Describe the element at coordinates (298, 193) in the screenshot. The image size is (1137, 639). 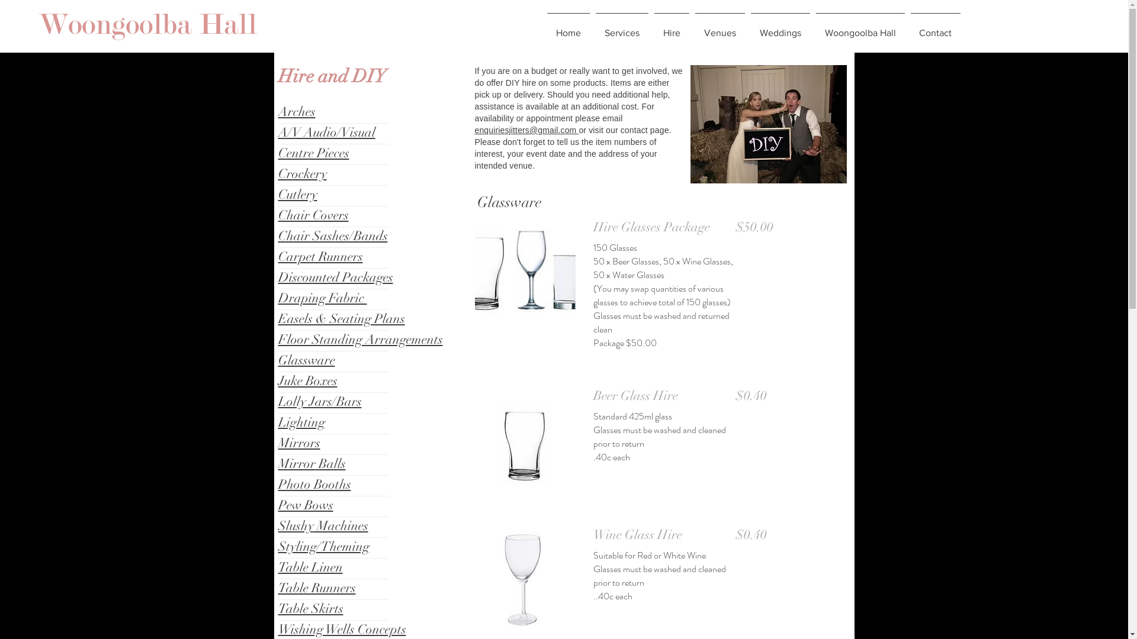
I see `'Cutlery'` at that location.